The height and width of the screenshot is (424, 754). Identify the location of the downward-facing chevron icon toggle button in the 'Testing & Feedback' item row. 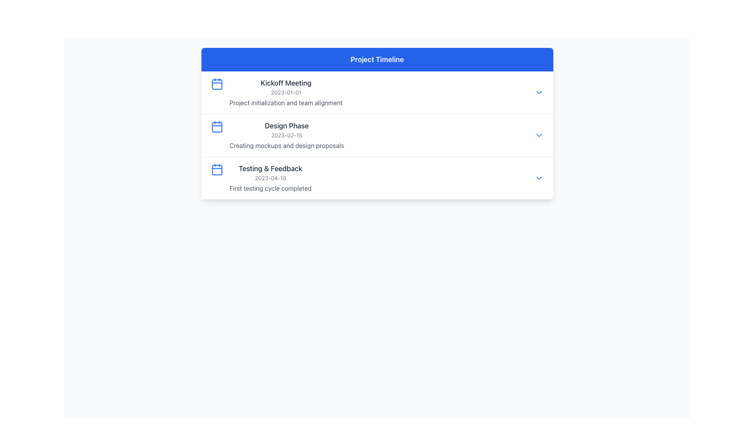
(538, 178).